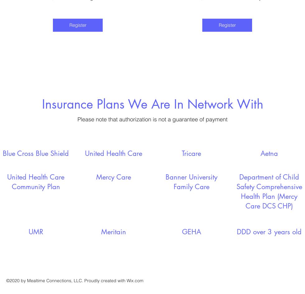 The height and width of the screenshot is (294, 305). What do you see at coordinates (269, 231) in the screenshot?
I see `'DDD over 3 years old'` at bounding box center [269, 231].